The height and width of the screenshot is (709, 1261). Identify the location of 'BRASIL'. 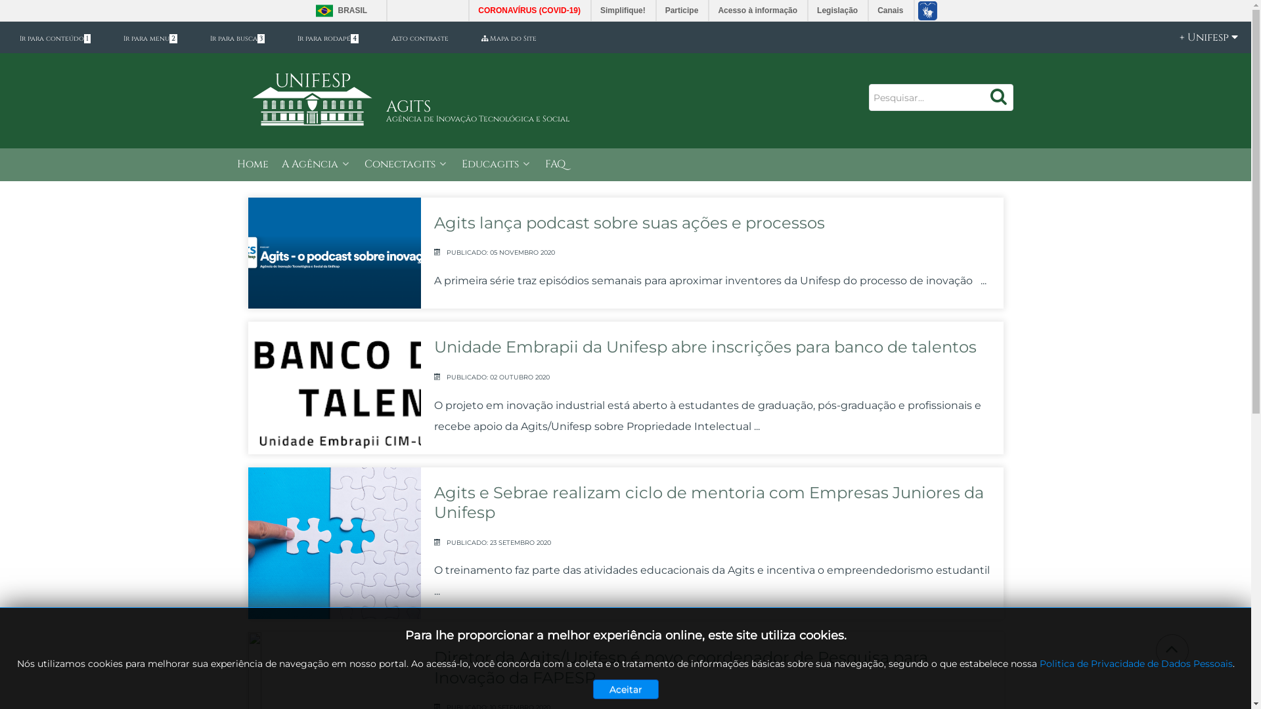
(338, 11).